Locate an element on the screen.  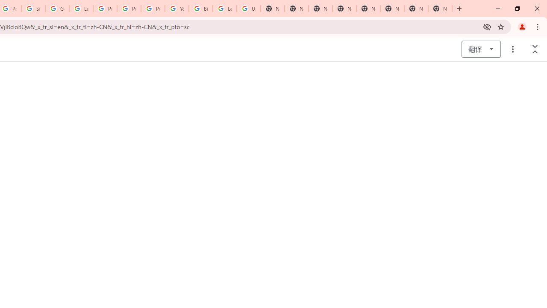
'YouTube' is located at coordinates (176, 9).